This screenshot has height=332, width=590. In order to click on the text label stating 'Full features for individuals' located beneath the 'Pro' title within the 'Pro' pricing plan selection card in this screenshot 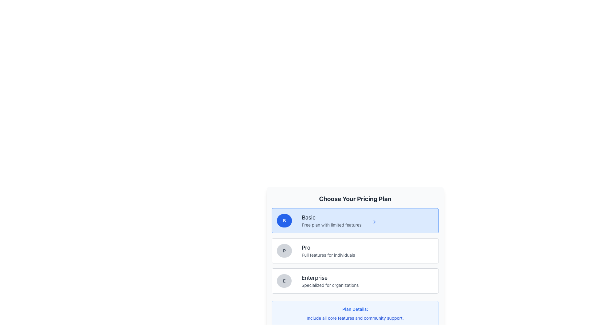, I will do `click(328, 255)`.